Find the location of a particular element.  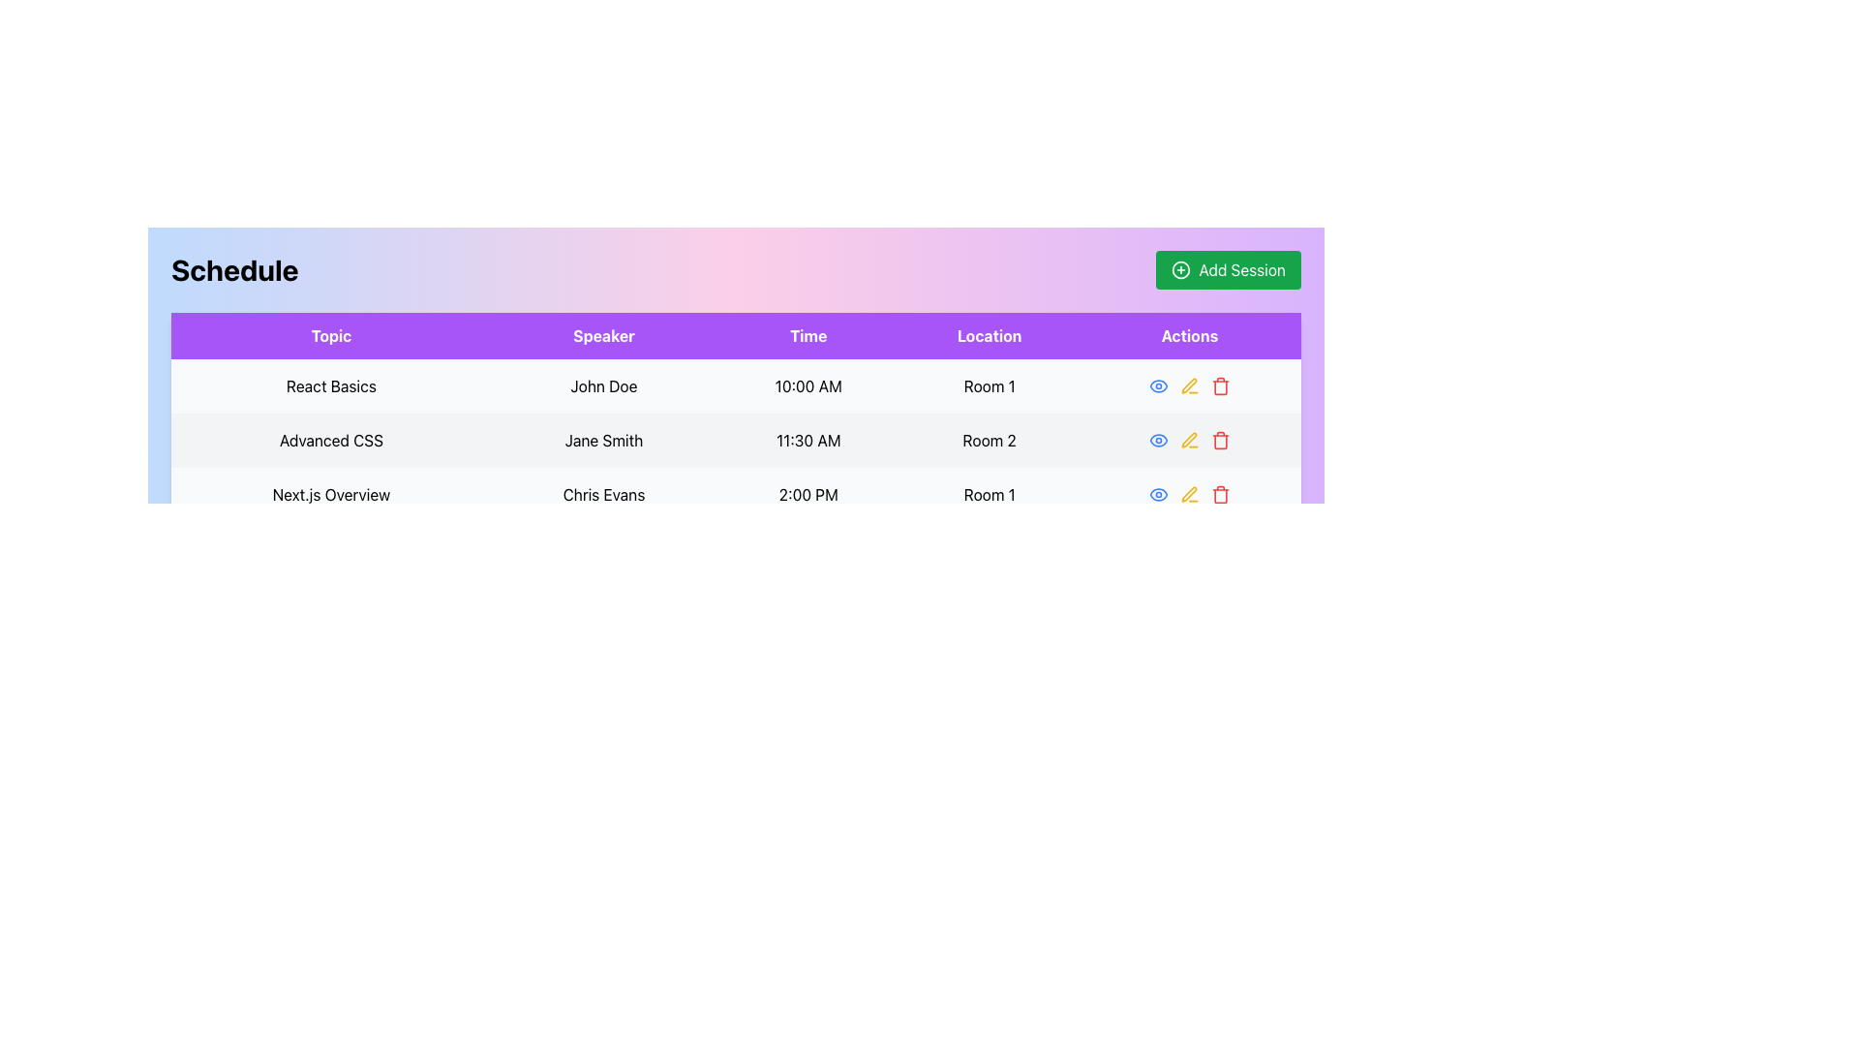

the static text label displaying 'Time' in bold white font, which is the third column header in a table, positioned between the 'Speaker' and 'Location' headers is located at coordinates (808, 335).